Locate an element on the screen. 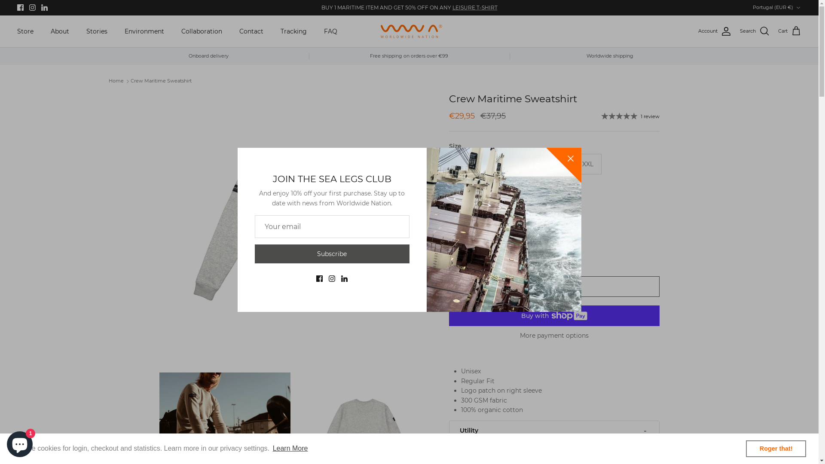 The width and height of the screenshot is (825, 464). 'Subscribe' is located at coordinates (331, 253).